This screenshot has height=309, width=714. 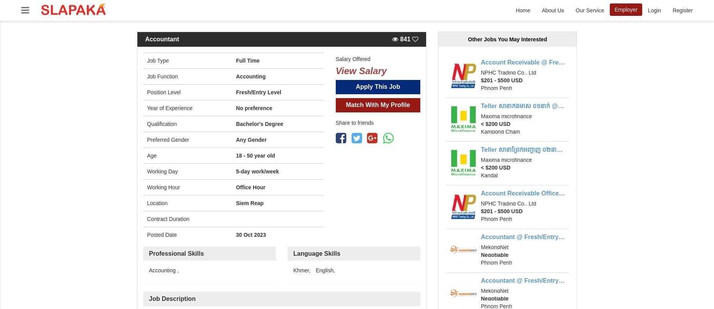 What do you see at coordinates (146, 234) in the screenshot?
I see `'Posted Date'` at bounding box center [146, 234].